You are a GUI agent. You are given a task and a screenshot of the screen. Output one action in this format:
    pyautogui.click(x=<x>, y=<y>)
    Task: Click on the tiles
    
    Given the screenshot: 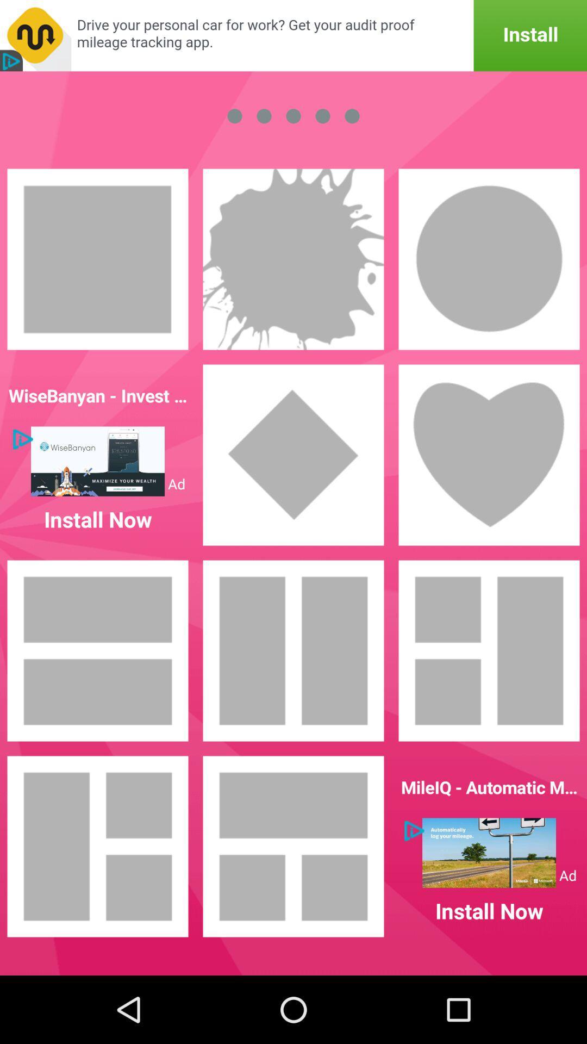 What is the action you would take?
    pyautogui.click(x=293, y=650)
    